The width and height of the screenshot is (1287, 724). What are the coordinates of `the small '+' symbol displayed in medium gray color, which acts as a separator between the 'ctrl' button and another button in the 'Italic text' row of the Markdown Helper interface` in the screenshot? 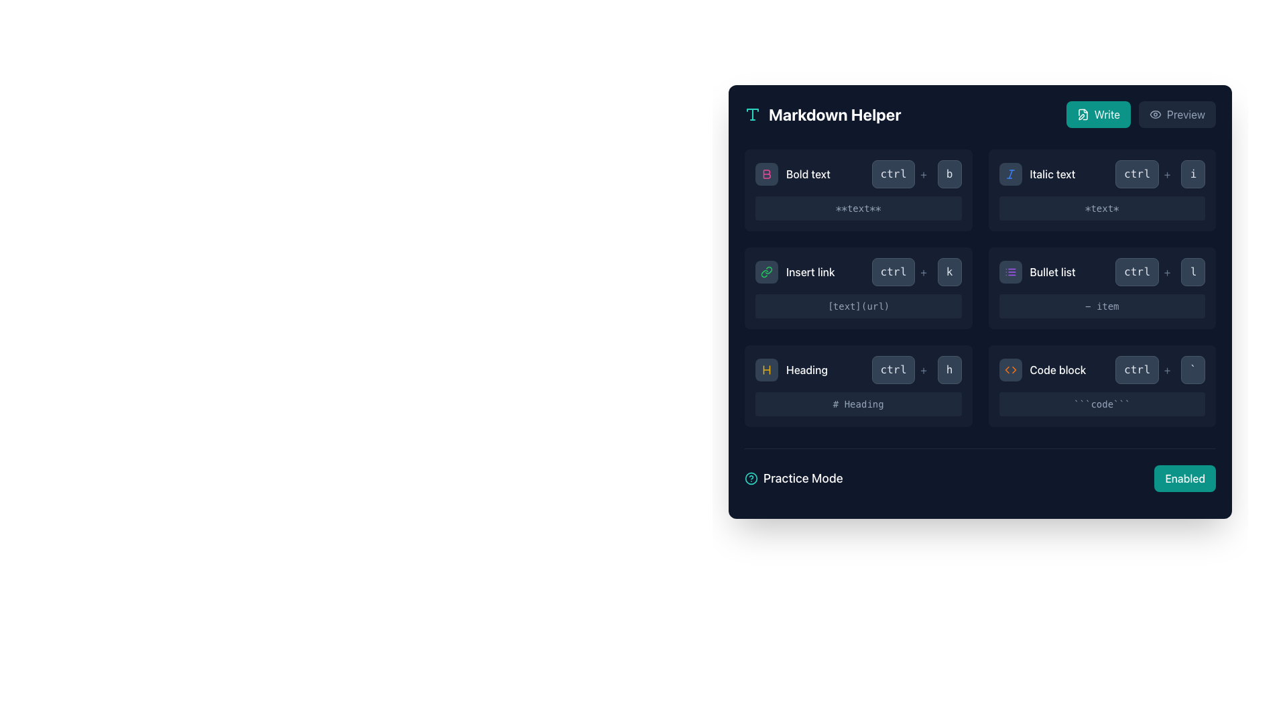 It's located at (1166, 173).